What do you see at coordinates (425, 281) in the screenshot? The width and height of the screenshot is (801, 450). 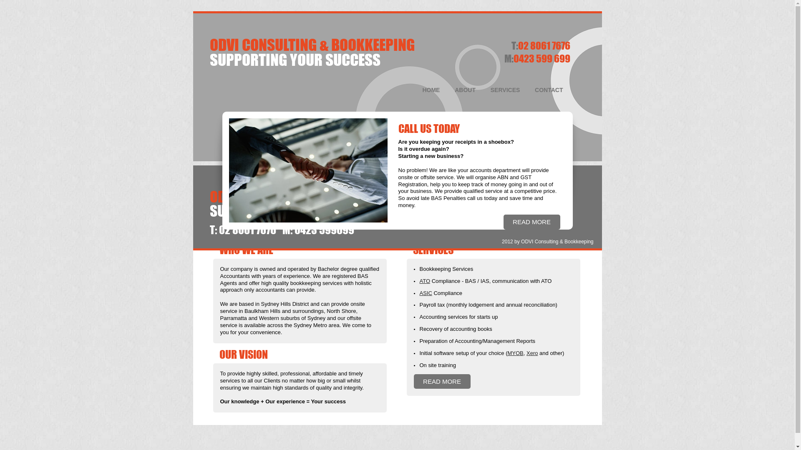 I see `'ATO'` at bounding box center [425, 281].